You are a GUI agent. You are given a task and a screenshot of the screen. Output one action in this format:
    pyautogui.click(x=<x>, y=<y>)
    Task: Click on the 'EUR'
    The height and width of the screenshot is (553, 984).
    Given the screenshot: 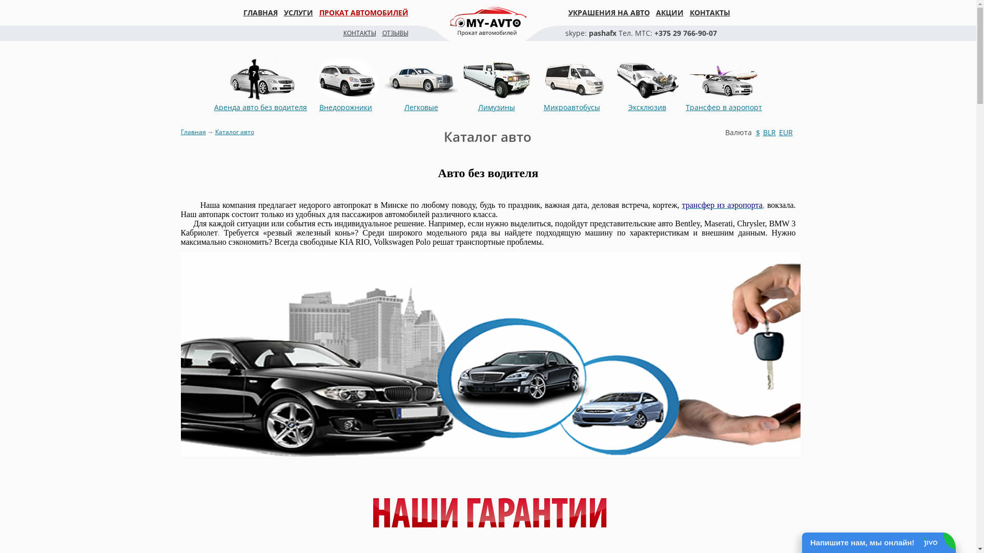 What is the action you would take?
    pyautogui.click(x=785, y=132)
    